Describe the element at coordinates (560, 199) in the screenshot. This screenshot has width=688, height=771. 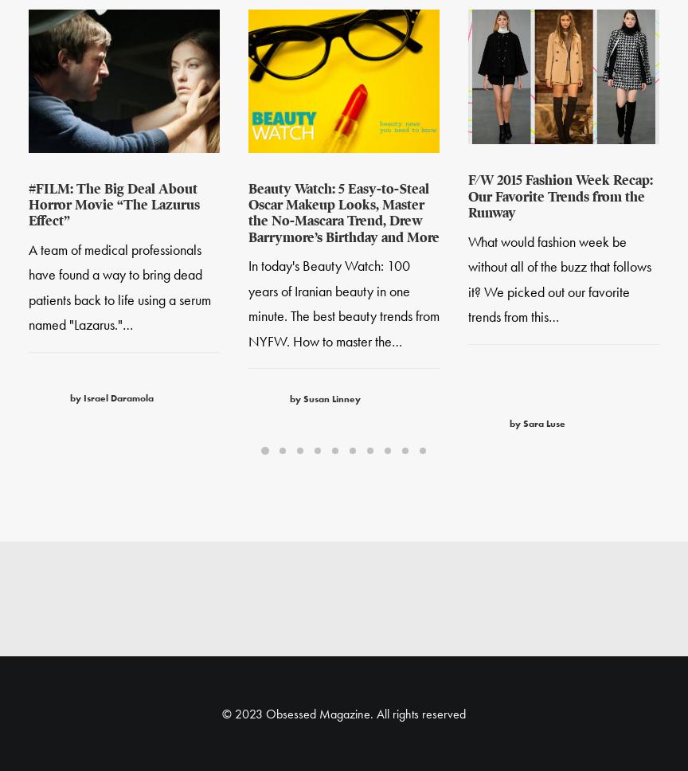
I see `'F/W 2015 Fashion Week Recap: Our Favorite Trends from the Runway'` at that location.